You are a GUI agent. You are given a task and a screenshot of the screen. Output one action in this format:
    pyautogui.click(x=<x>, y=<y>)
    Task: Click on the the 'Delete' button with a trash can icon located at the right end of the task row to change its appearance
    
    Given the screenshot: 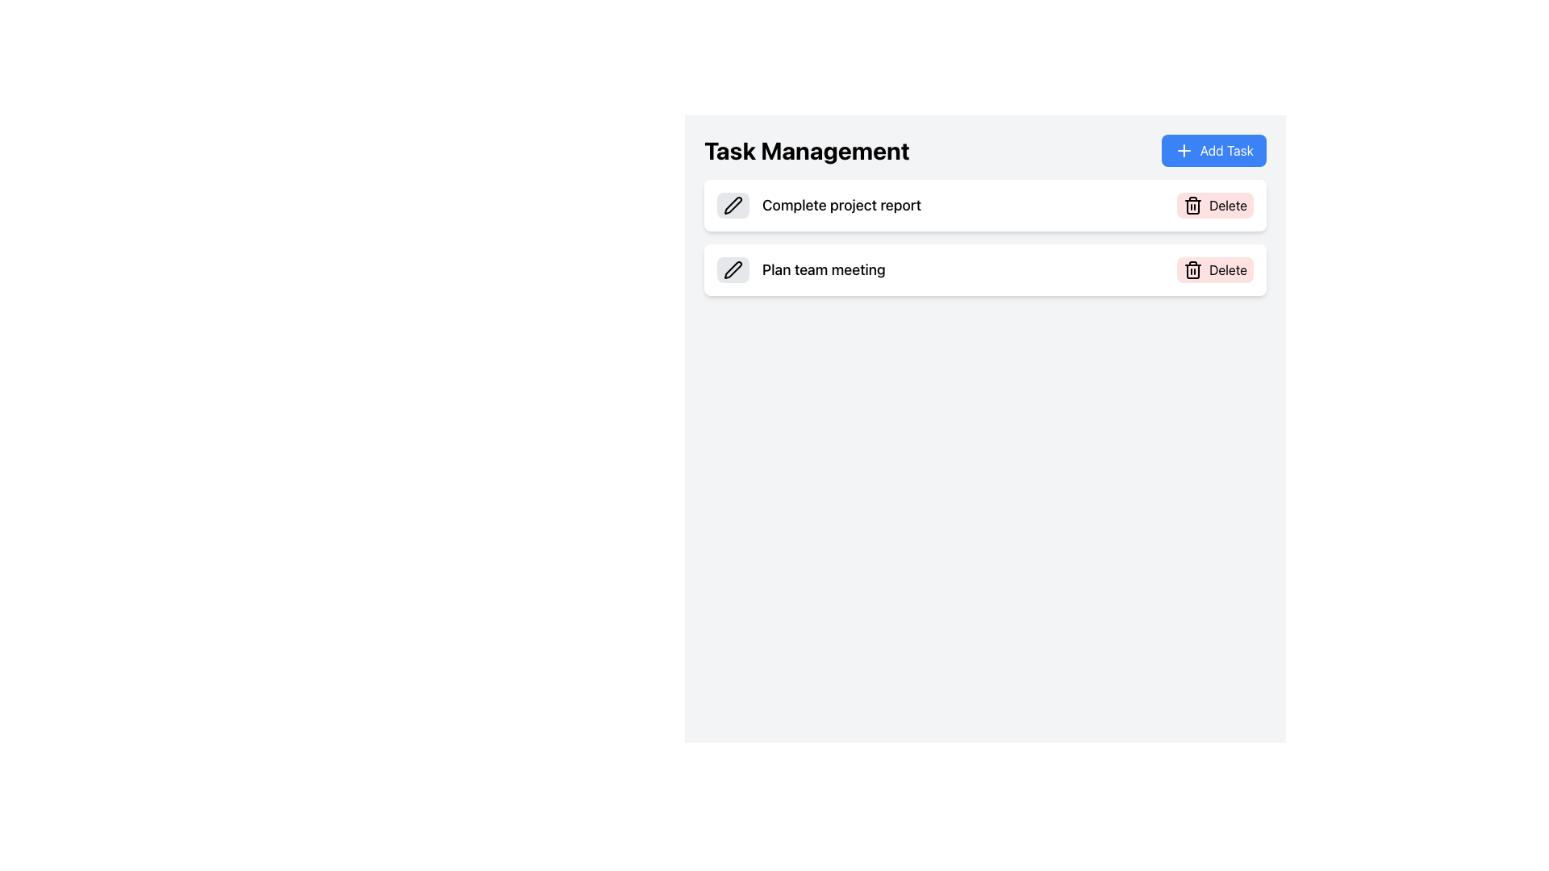 What is the action you would take?
    pyautogui.click(x=1215, y=204)
    